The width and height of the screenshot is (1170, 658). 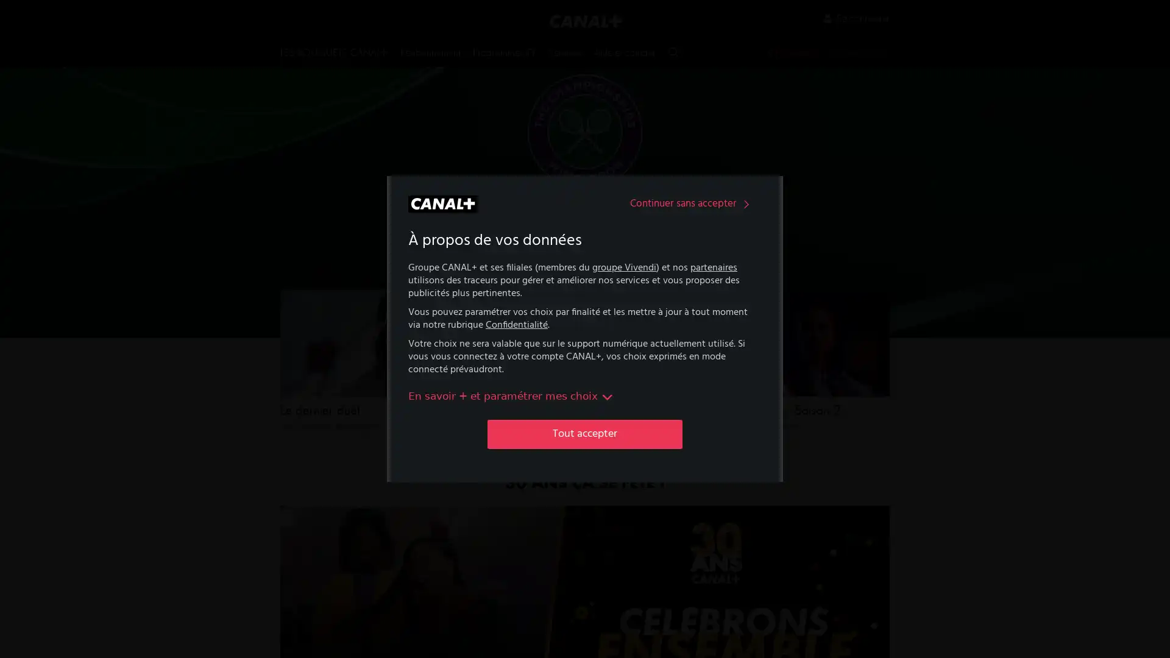 What do you see at coordinates (701, 305) in the screenshot?
I see `Rwanda` at bounding box center [701, 305].